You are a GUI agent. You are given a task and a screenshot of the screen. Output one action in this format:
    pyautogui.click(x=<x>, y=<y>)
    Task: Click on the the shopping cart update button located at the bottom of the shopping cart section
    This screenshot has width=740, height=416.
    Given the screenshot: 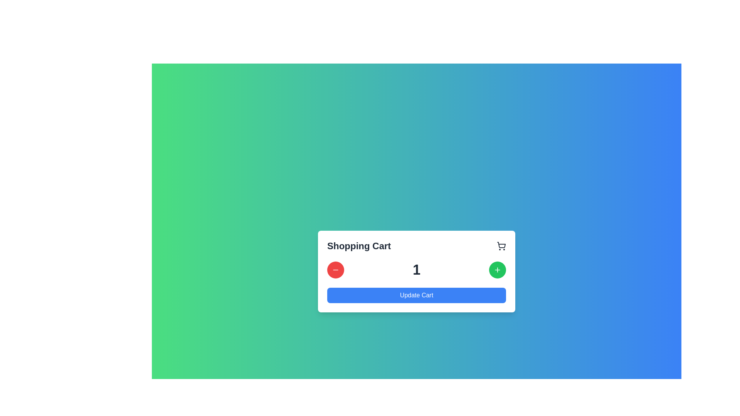 What is the action you would take?
    pyautogui.click(x=416, y=295)
    